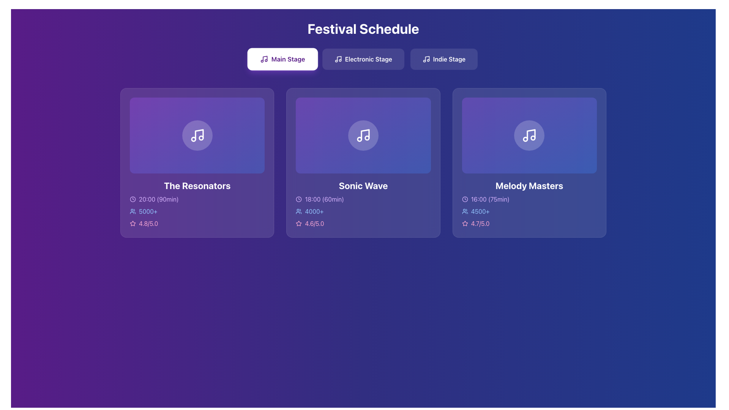 The height and width of the screenshot is (410, 729). Describe the element at coordinates (480, 211) in the screenshot. I see `the text label displaying '4500+' in light blue font on a dark blue background, which is located below a small user icon in the 'Melody Masters' event card under the 'Main Stage' tab` at that location.